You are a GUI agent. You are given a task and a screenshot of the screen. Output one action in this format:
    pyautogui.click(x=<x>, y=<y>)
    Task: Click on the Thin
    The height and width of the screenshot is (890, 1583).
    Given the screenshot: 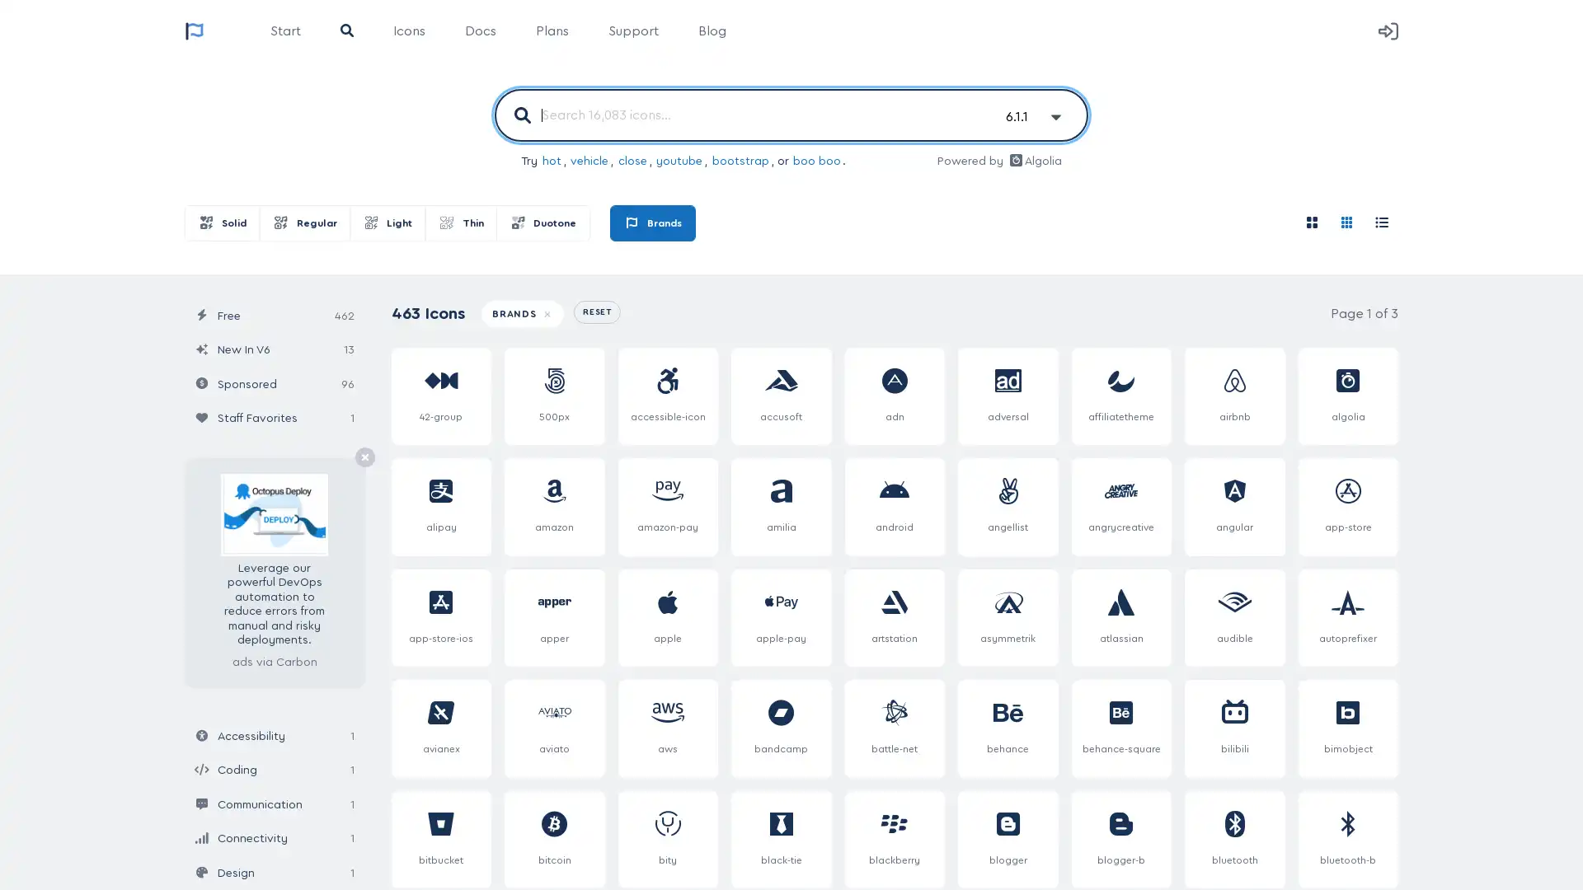 What is the action you would take?
    pyautogui.click(x=561, y=228)
    